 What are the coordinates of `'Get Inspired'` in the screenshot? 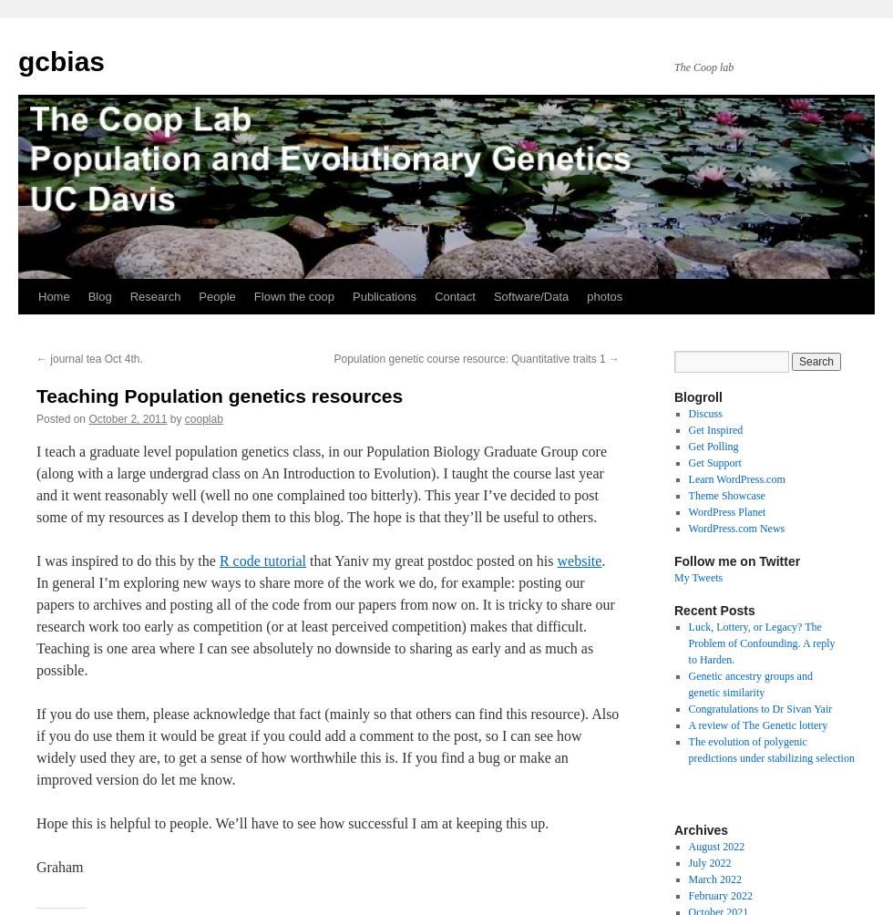 It's located at (687, 428).